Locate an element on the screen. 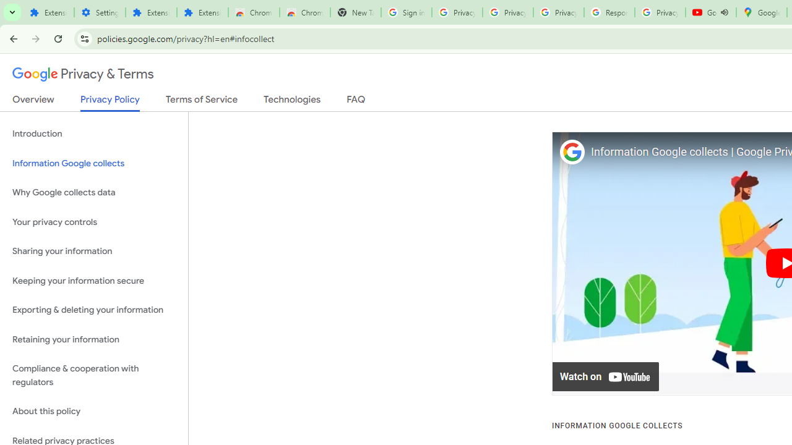 The image size is (792, 445). 'Introduction' is located at coordinates (93, 134).